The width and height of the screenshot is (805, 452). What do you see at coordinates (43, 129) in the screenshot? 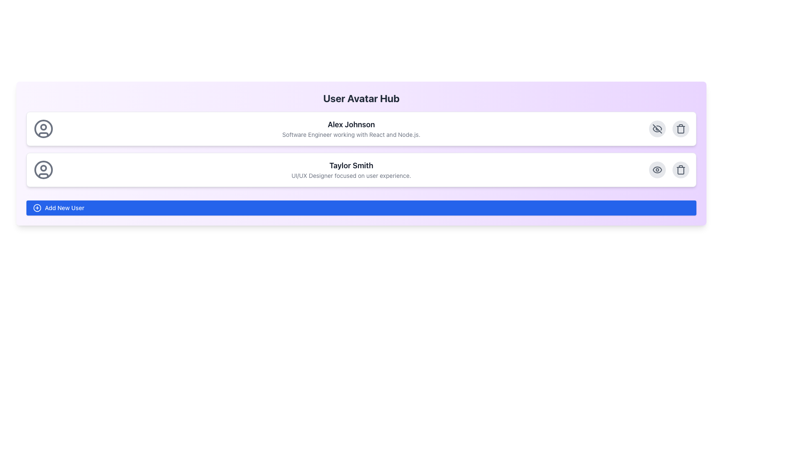
I see `the user avatar icon represented by a circular outline with a head and shoulders, located in the user profile card` at bounding box center [43, 129].